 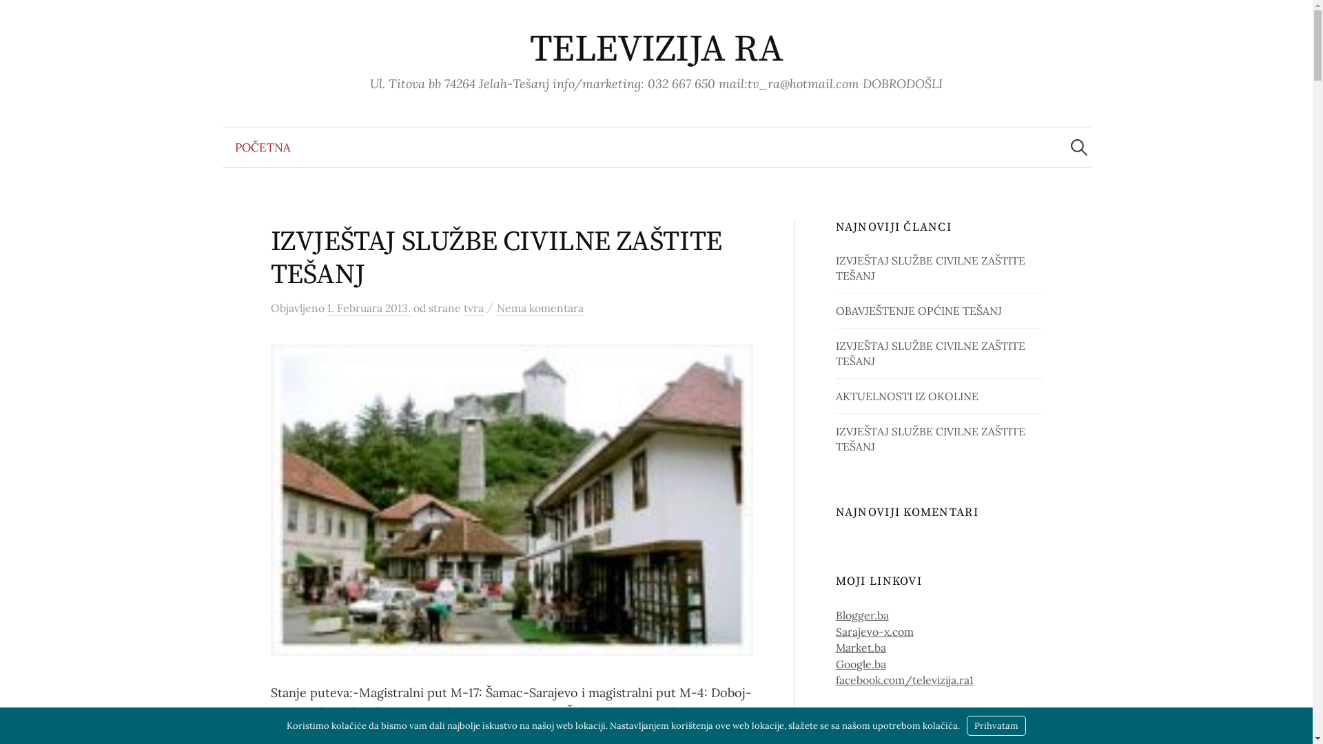 What do you see at coordinates (17, 17) in the screenshot?
I see `'Pretraga'` at bounding box center [17, 17].